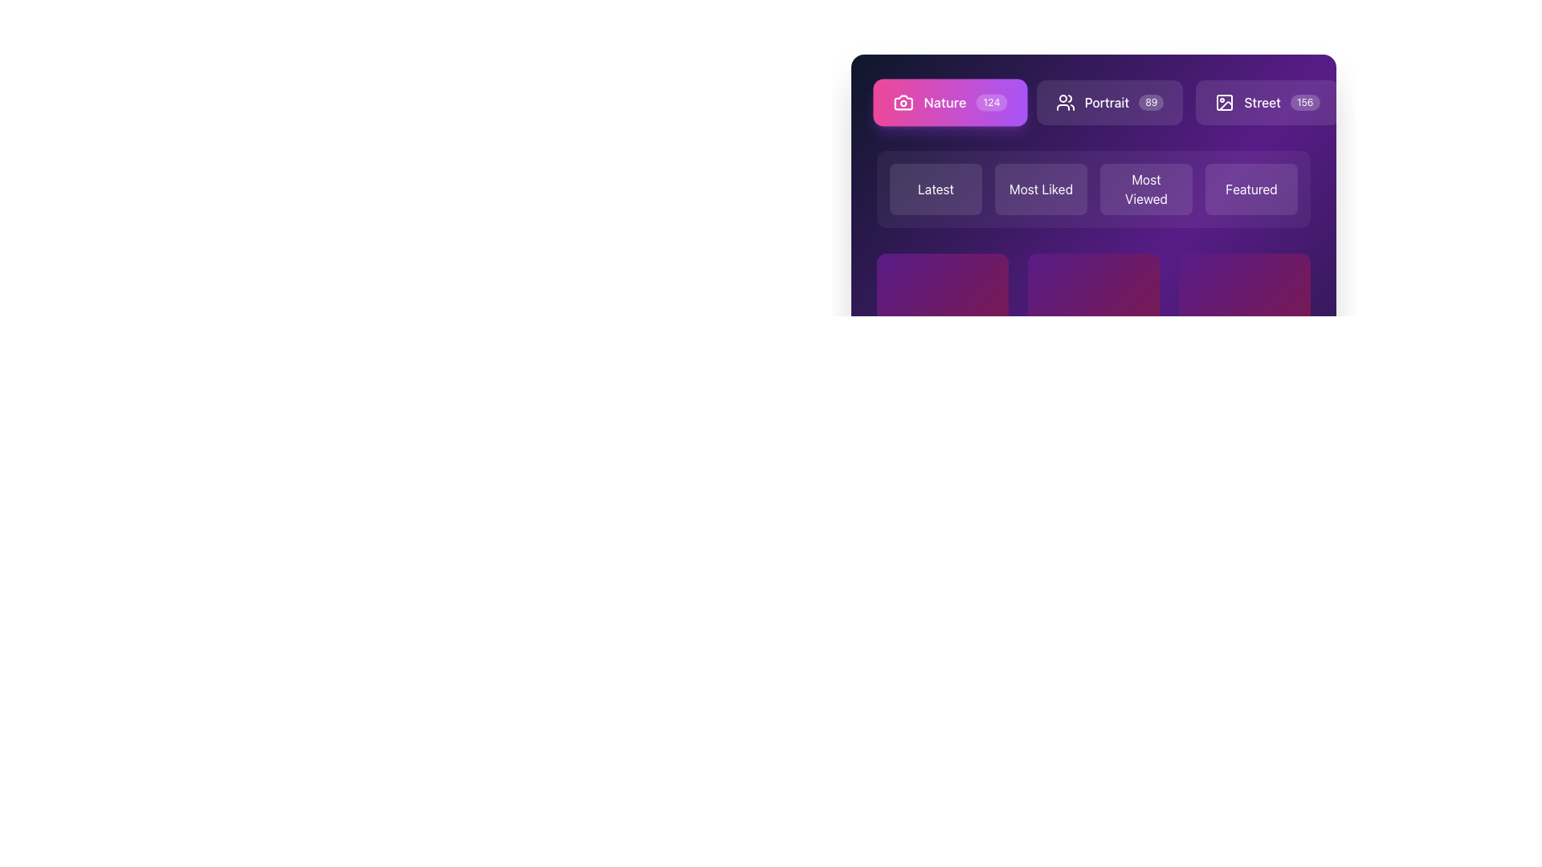  Describe the element at coordinates (1262, 102) in the screenshot. I see `the text label 'Street' in the top navigation bar` at that location.